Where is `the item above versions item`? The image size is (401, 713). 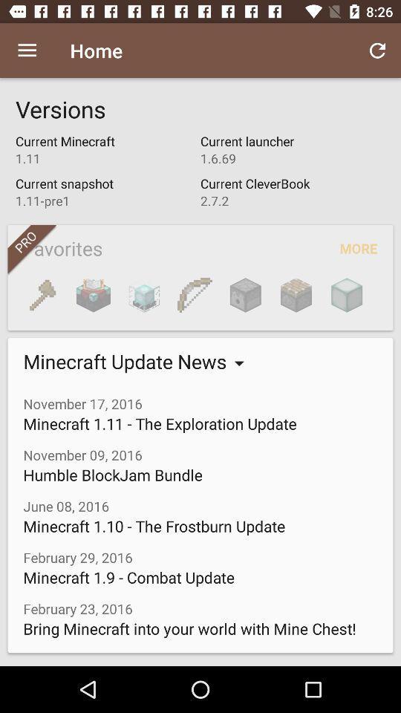
the item above versions item is located at coordinates (27, 51).